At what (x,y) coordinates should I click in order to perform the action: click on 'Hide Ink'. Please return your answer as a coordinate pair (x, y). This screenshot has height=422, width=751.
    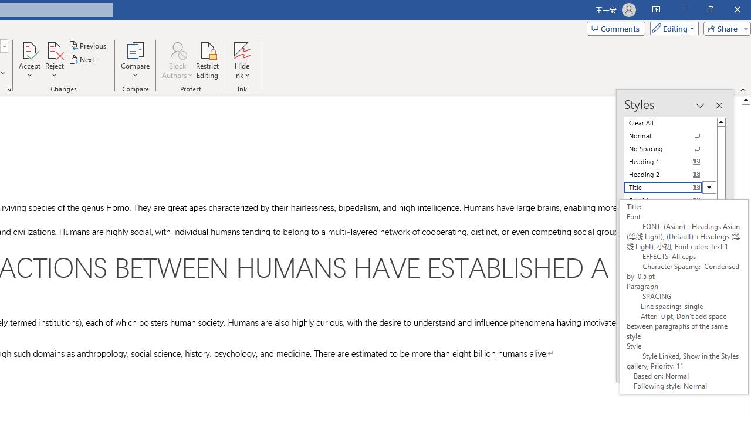
    Looking at the image, I should click on (241, 49).